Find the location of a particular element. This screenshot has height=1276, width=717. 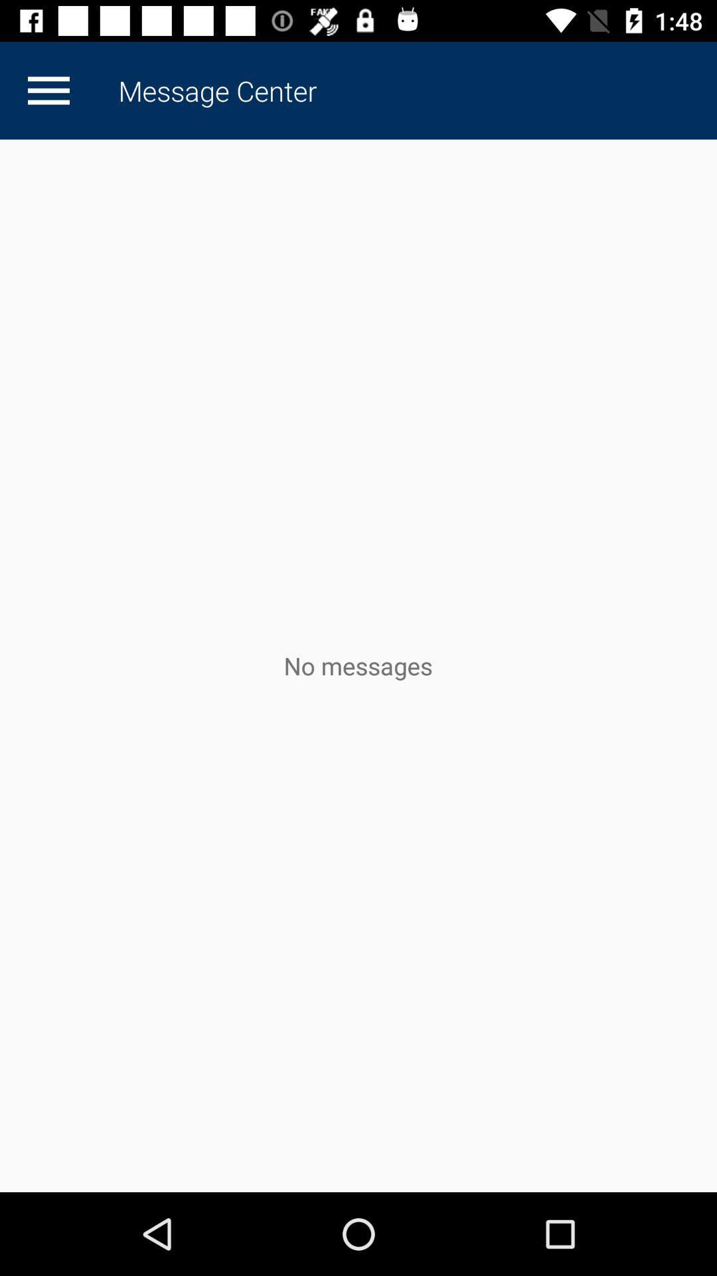

menu is located at coordinates (48, 90).